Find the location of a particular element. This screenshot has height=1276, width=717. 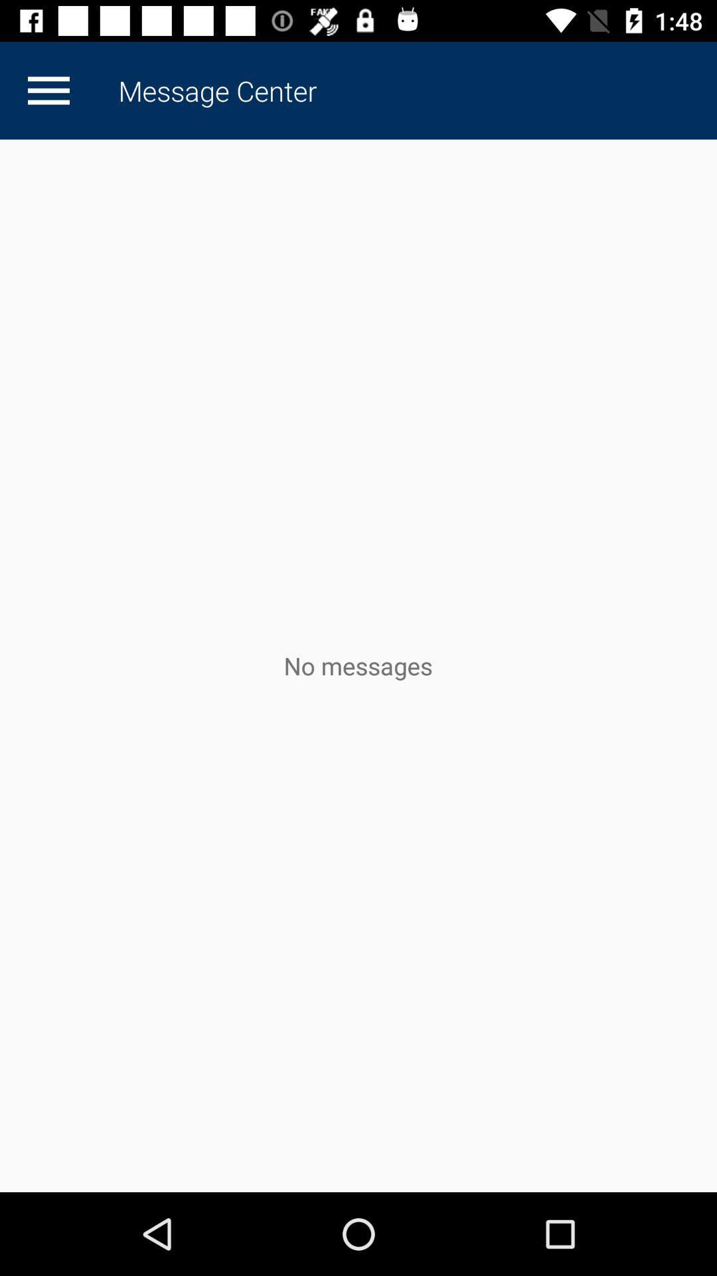

menu is located at coordinates (48, 90).